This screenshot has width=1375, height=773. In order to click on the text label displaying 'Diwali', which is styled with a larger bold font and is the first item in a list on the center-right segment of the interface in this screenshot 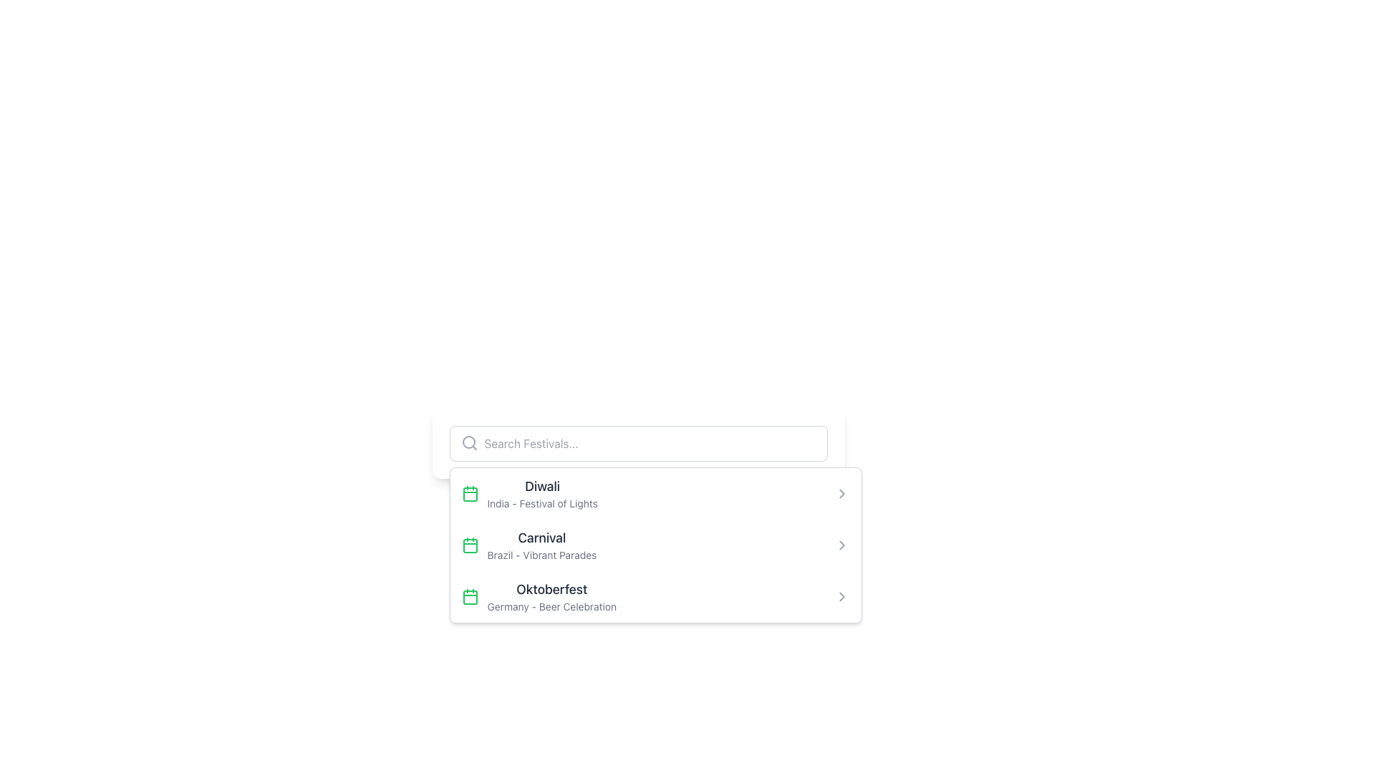, I will do `click(541, 485)`.